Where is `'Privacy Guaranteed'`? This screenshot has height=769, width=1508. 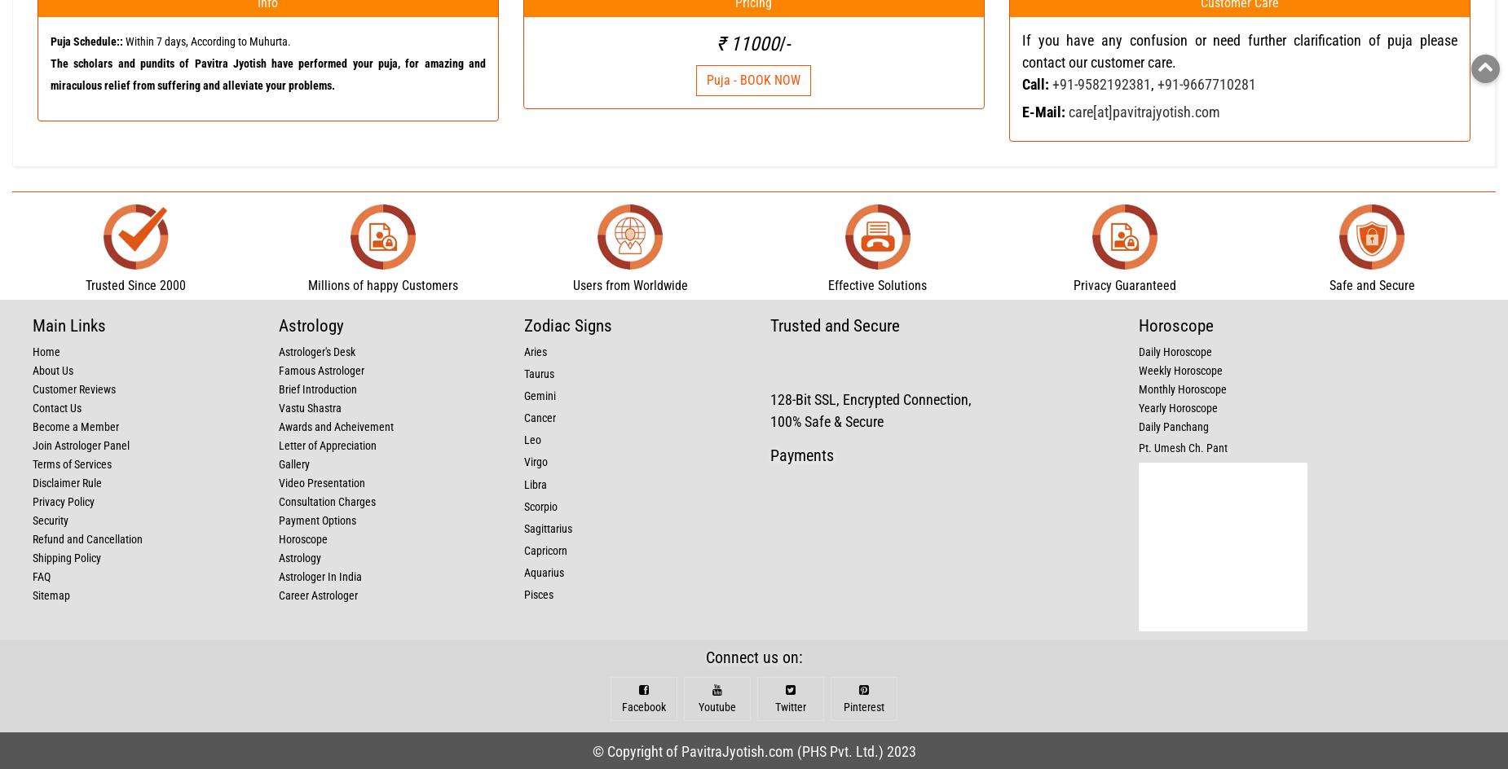
'Privacy Guaranteed' is located at coordinates (1122, 283).